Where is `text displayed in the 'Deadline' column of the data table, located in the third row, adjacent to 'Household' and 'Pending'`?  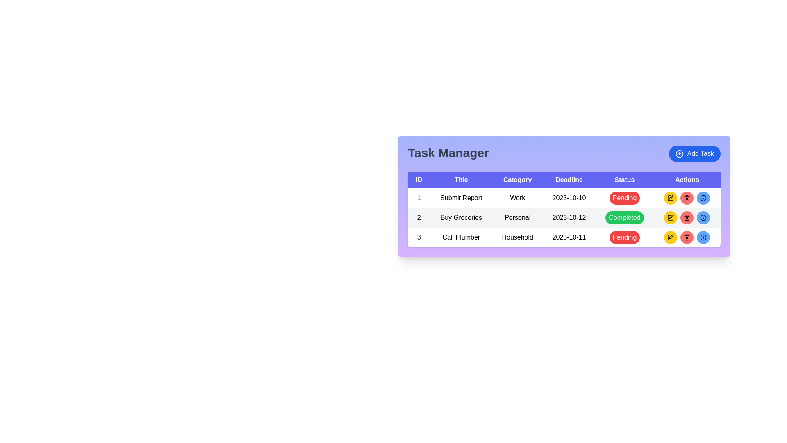
text displayed in the 'Deadline' column of the data table, located in the third row, adjacent to 'Household' and 'Pending' is located at coordinates (569, 237).